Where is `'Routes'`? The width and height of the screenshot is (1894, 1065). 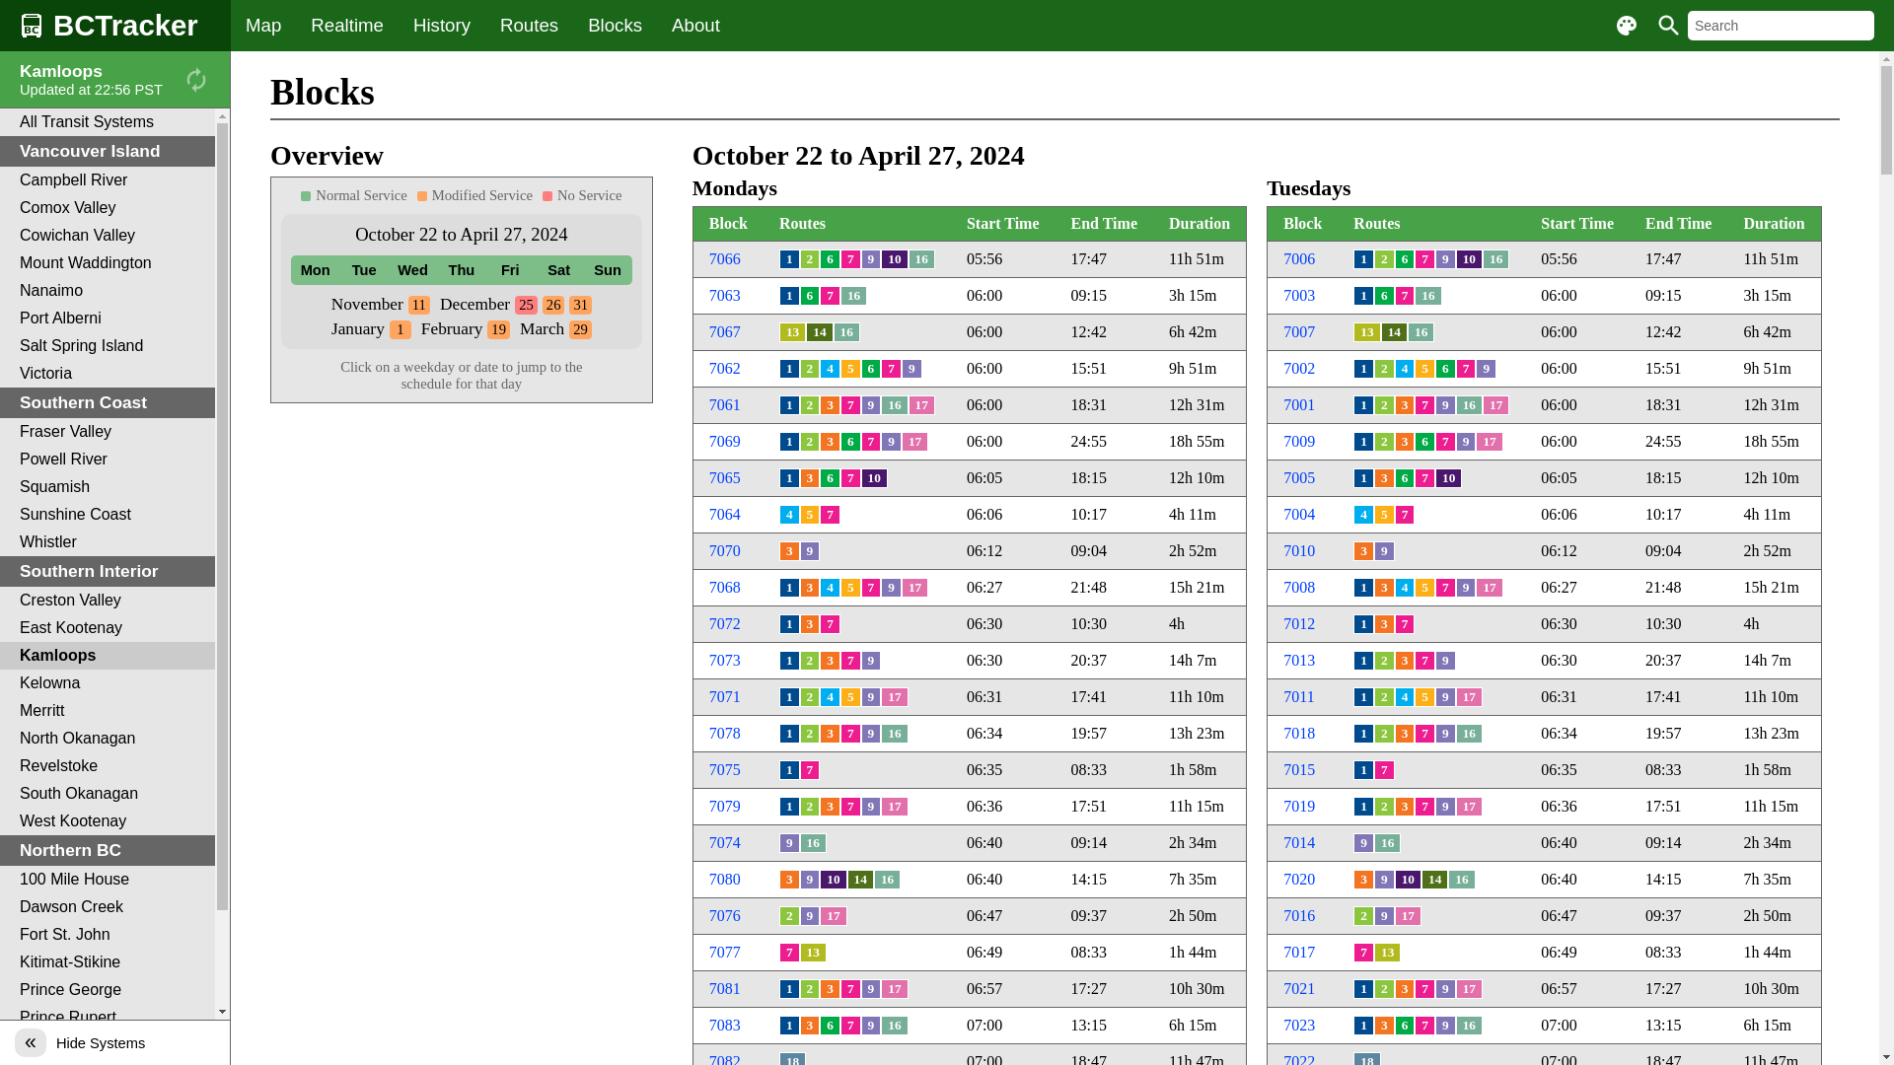
'Routes' is located at coordinates (529, 26).